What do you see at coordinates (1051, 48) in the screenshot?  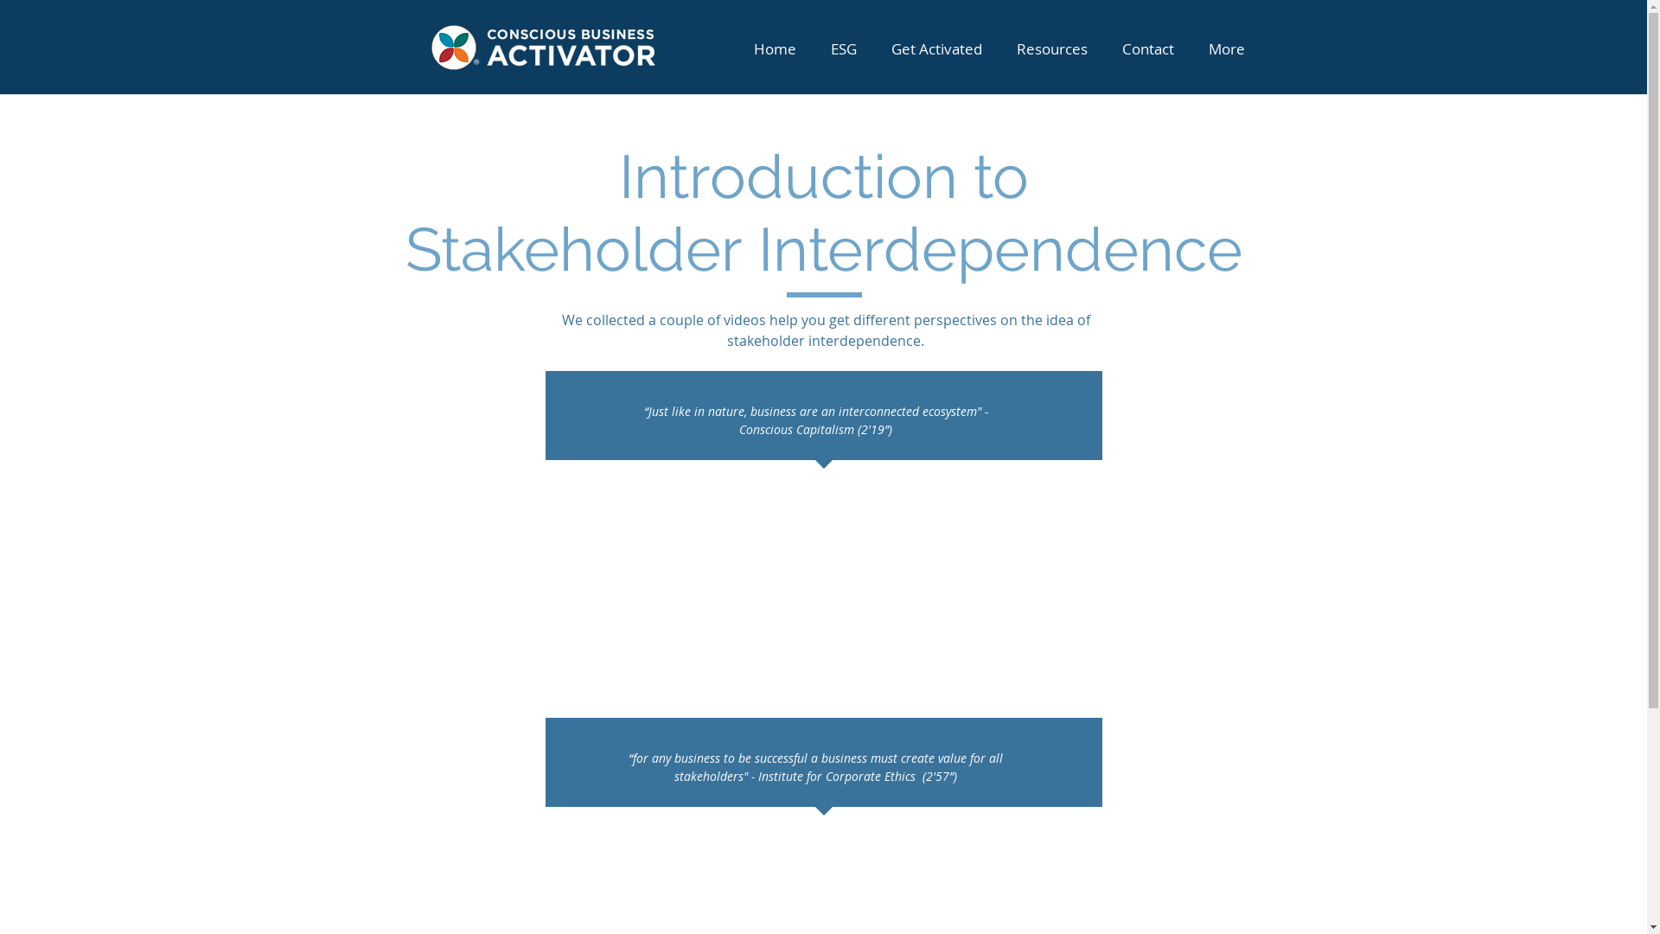 I see `'Resources'` at bounding box center [1051, 48].